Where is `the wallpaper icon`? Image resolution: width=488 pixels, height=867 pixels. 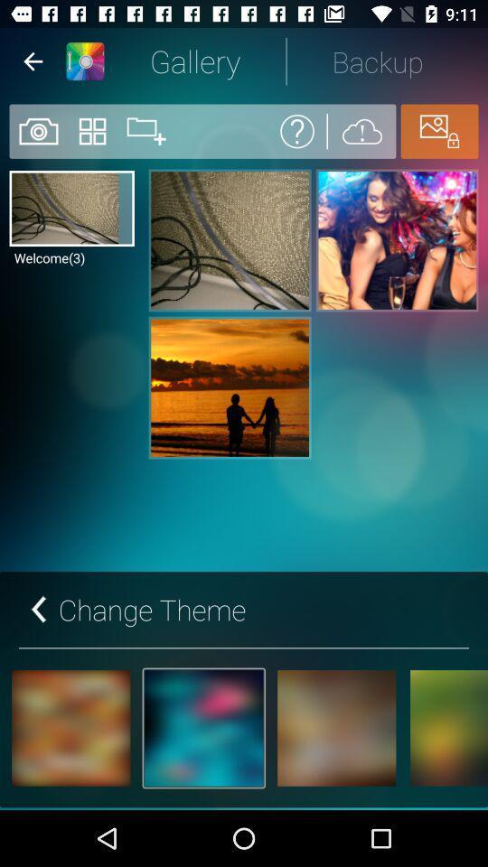 the wallpaper icon is located at coordinates (438, 130).